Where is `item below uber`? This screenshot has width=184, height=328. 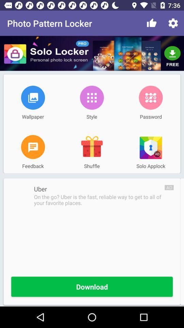 item below uber is located at coordinates (99, 200).